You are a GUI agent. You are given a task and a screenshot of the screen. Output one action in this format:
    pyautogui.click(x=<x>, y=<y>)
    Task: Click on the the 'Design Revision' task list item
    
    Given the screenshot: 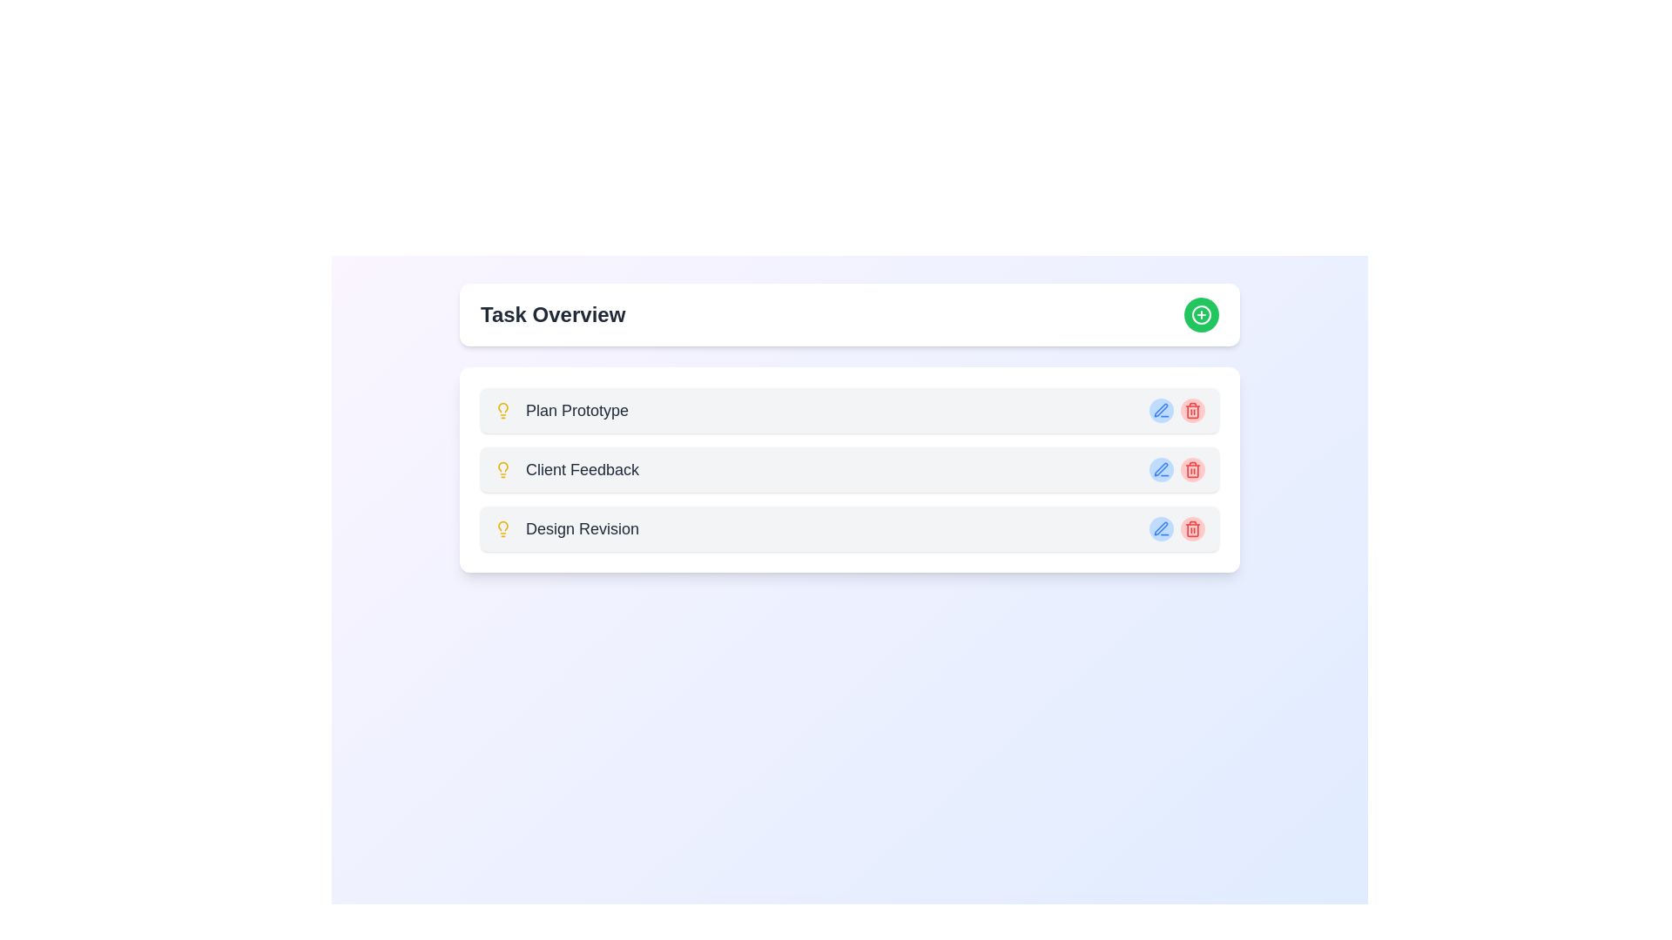 What is the action you would take?
    pyautogui.click(x=849, y=528)
    